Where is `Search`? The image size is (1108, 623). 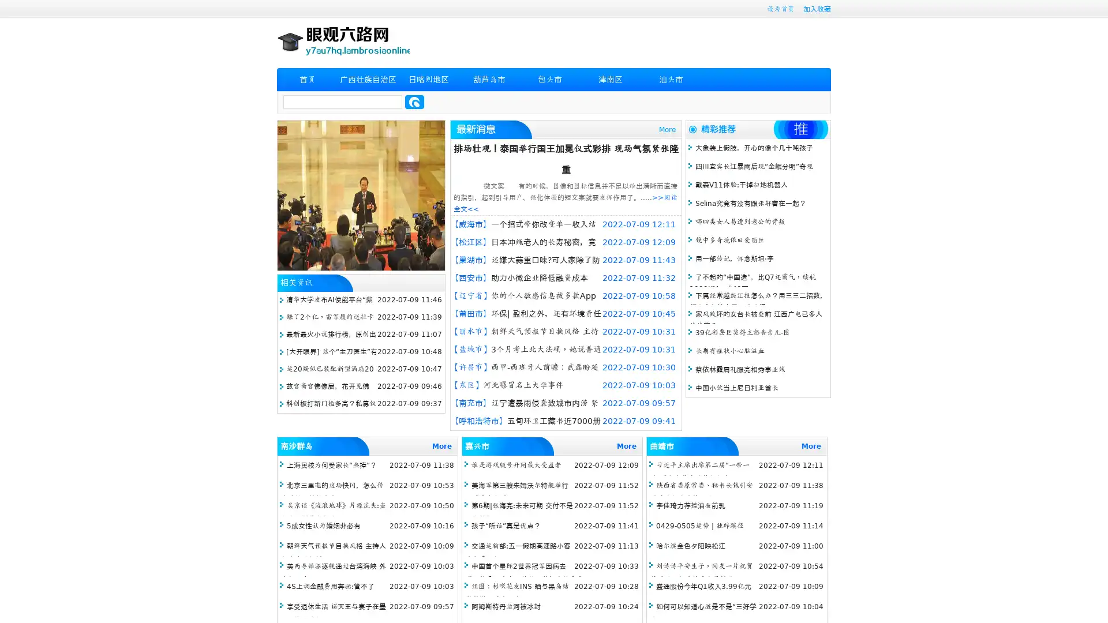 Search is located at coordinates (414, 102).